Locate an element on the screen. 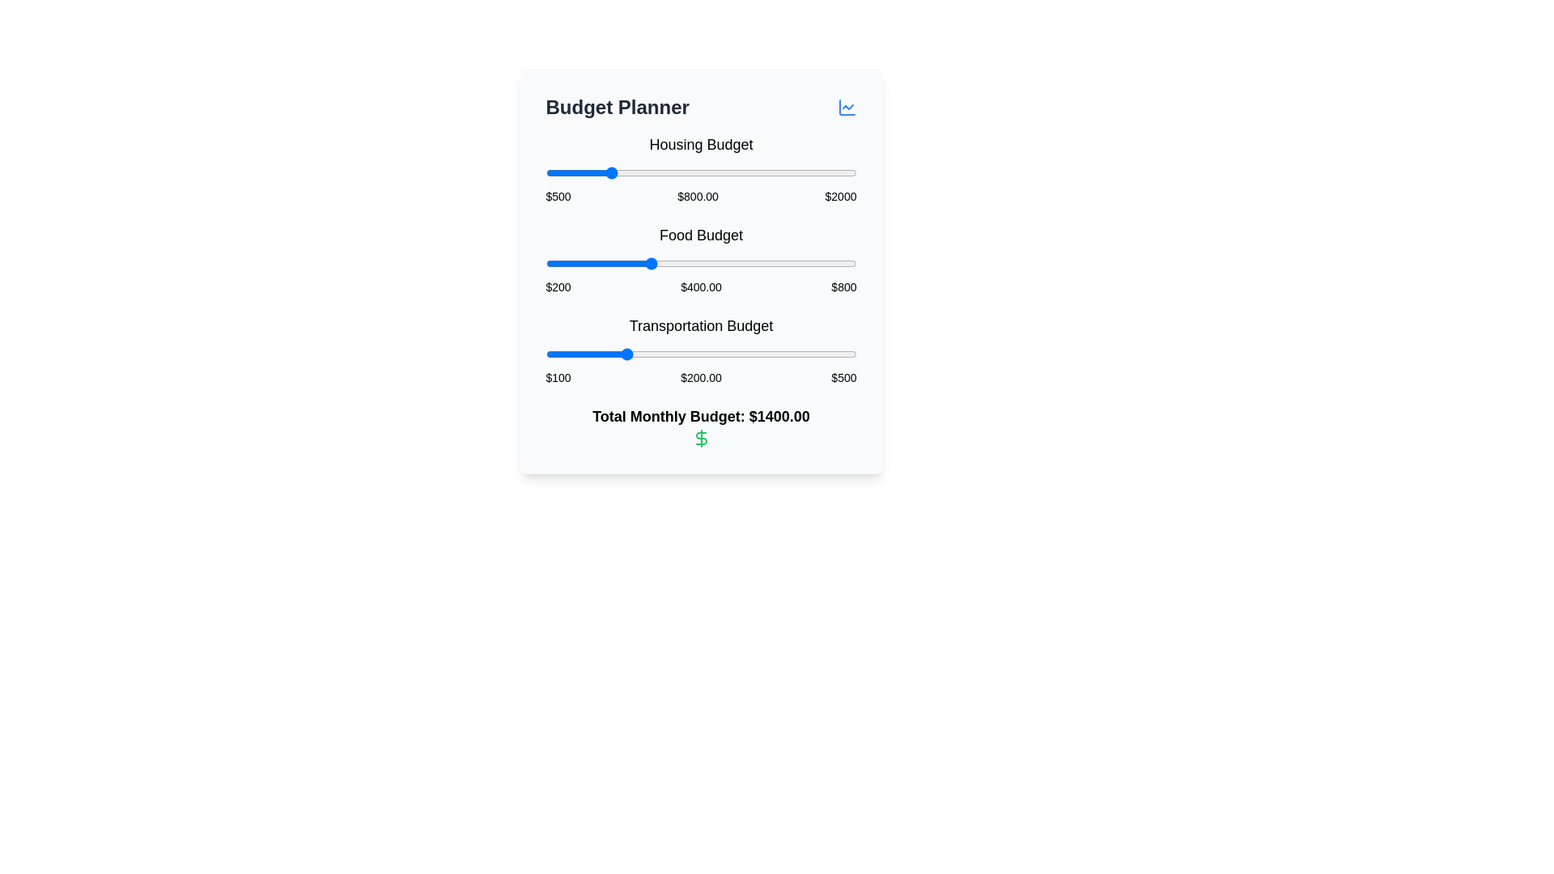 Image resolution: width=1554 pixels, height=874 pixels. the small blue line graph icon located at the top right corner of the 'Budget Planner' header is located at coordinates (846, 107).